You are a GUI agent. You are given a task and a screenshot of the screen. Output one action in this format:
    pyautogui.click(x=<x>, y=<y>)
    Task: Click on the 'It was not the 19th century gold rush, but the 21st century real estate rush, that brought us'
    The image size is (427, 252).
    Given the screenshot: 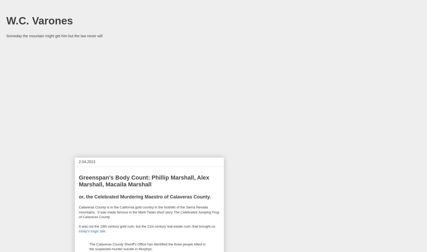 What is the action you would take?
    pyautogui.click(x=147, y=226)
    